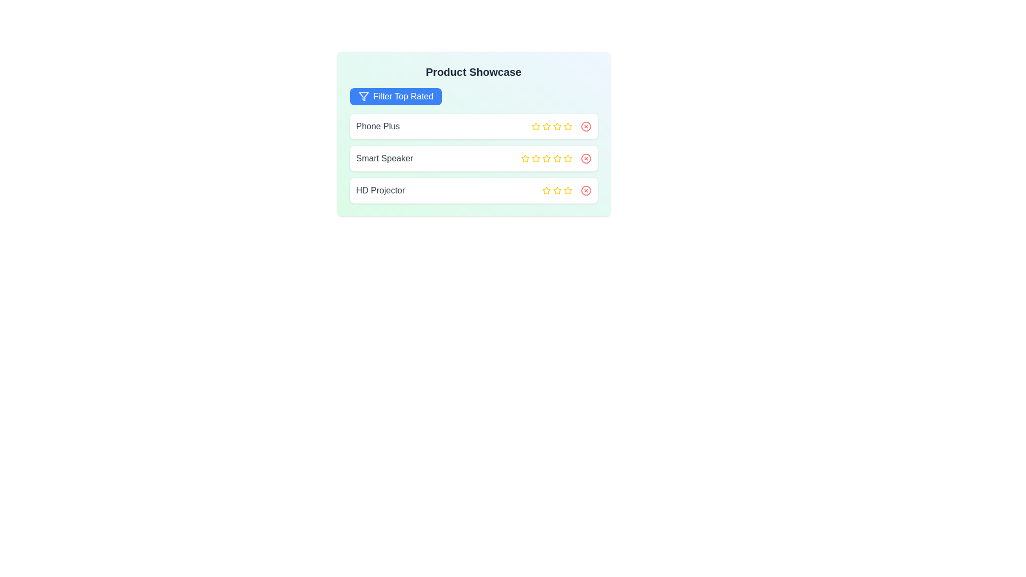 The width and height of the screenshot is (1026, 577). I want to click on close icon next to the product Phone Plus to remove it, so click(585, 126).